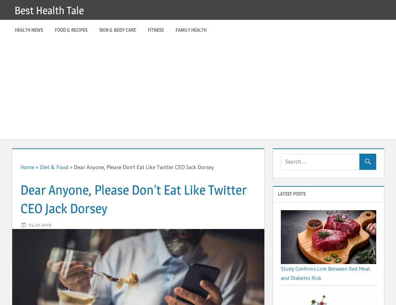 The width and height of the screenshot is (396, 305). Describe the element at coordinates (325, 272) in the screenshot. I see `'Study Confirms Link Between Red Meat and Diabetes Risk'` at that location.